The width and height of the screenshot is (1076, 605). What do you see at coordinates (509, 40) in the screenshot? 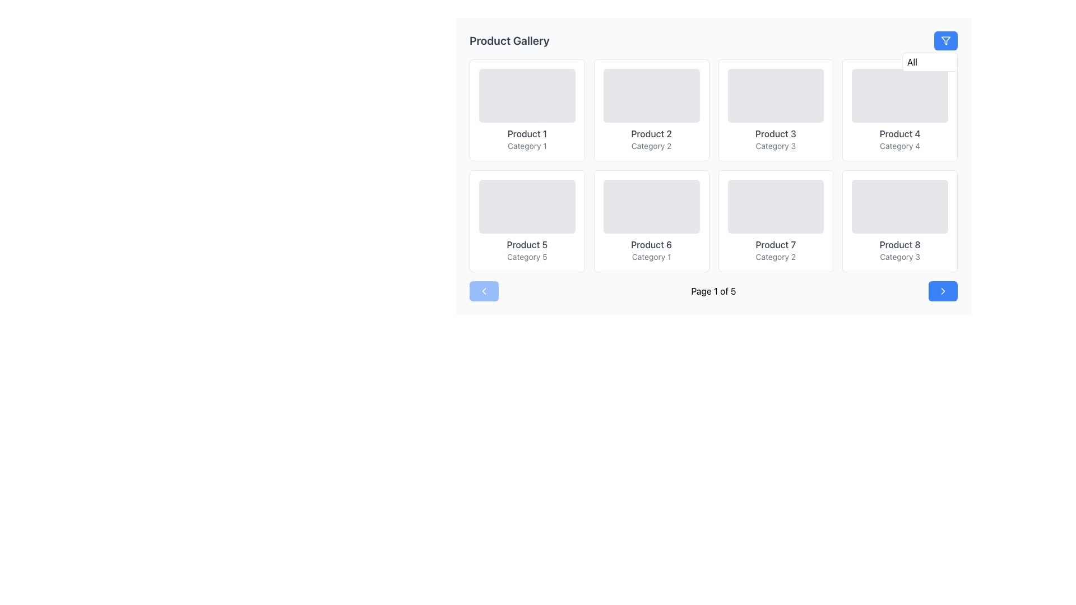
I see `the 'Product Gallery' heading text, which is styled in bold gray font and located at the top-left corner of the interface` at bounding box center [509, 40].